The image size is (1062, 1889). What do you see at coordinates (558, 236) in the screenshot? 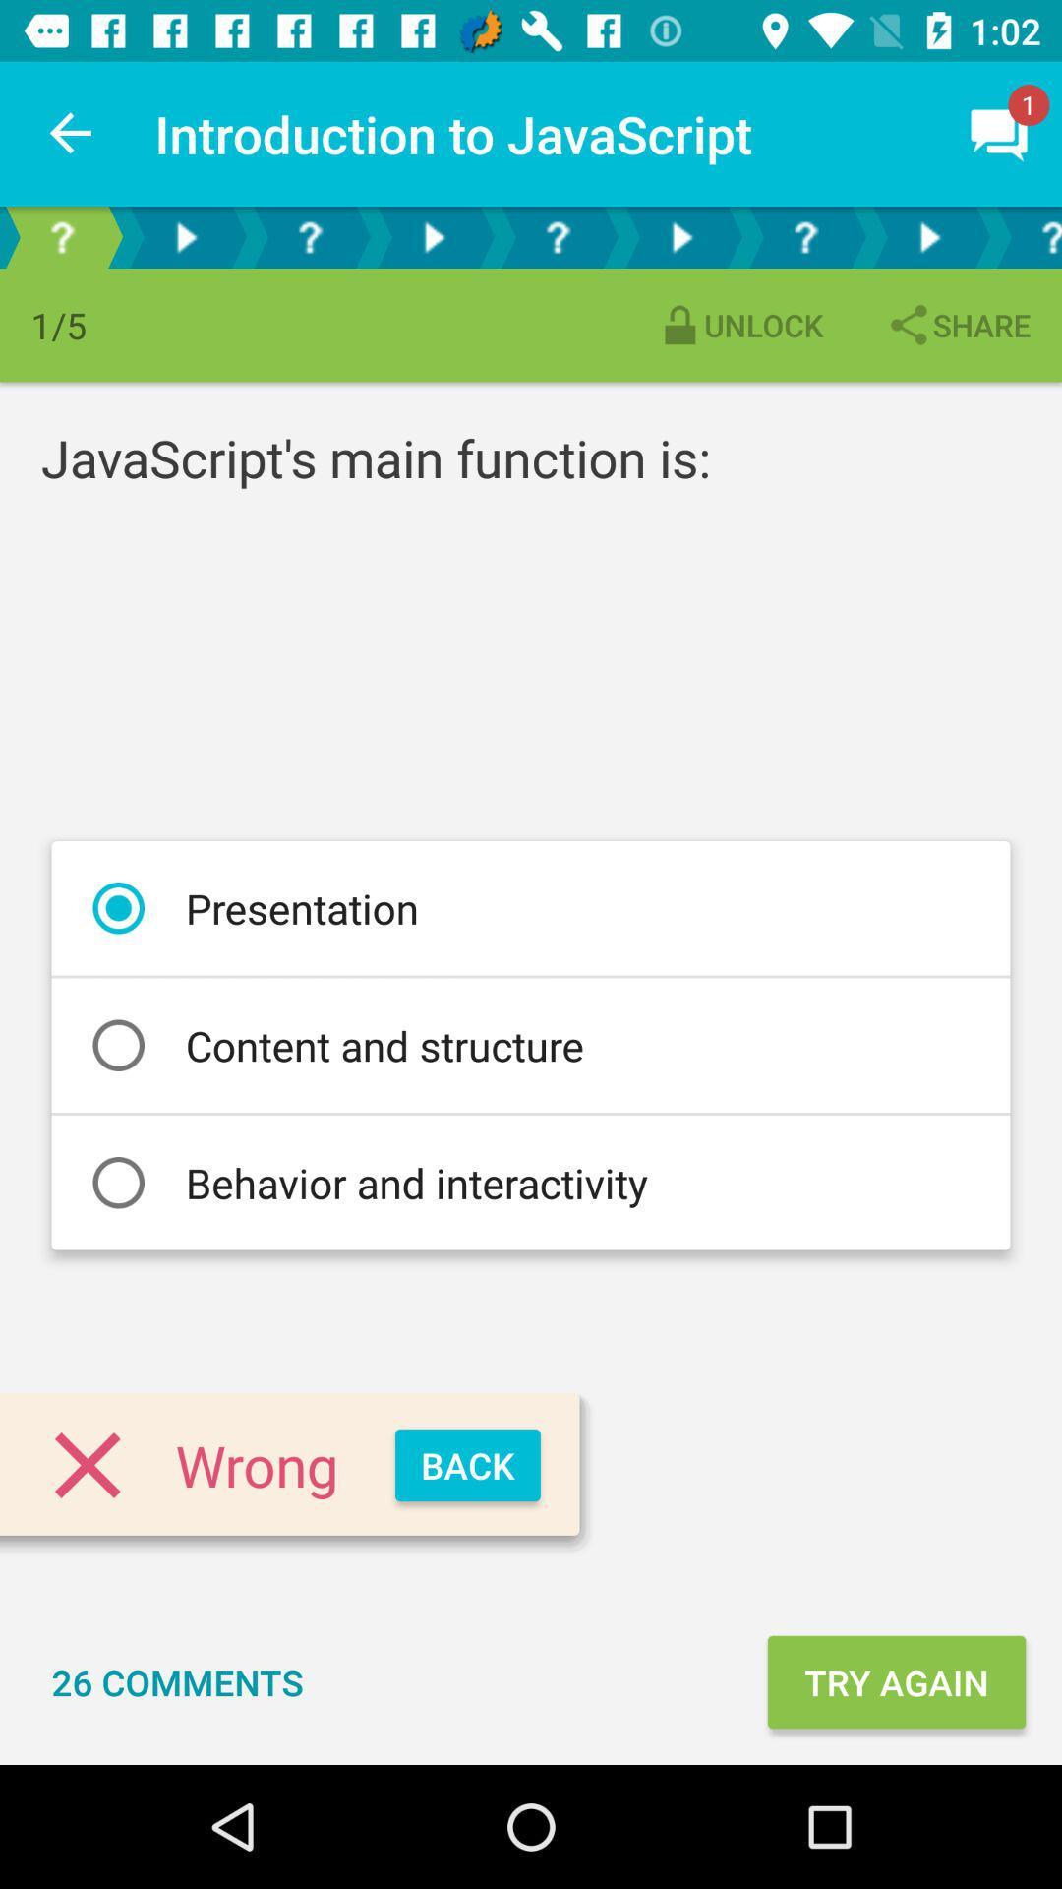
I see `help` at bounding box center [558, 236].